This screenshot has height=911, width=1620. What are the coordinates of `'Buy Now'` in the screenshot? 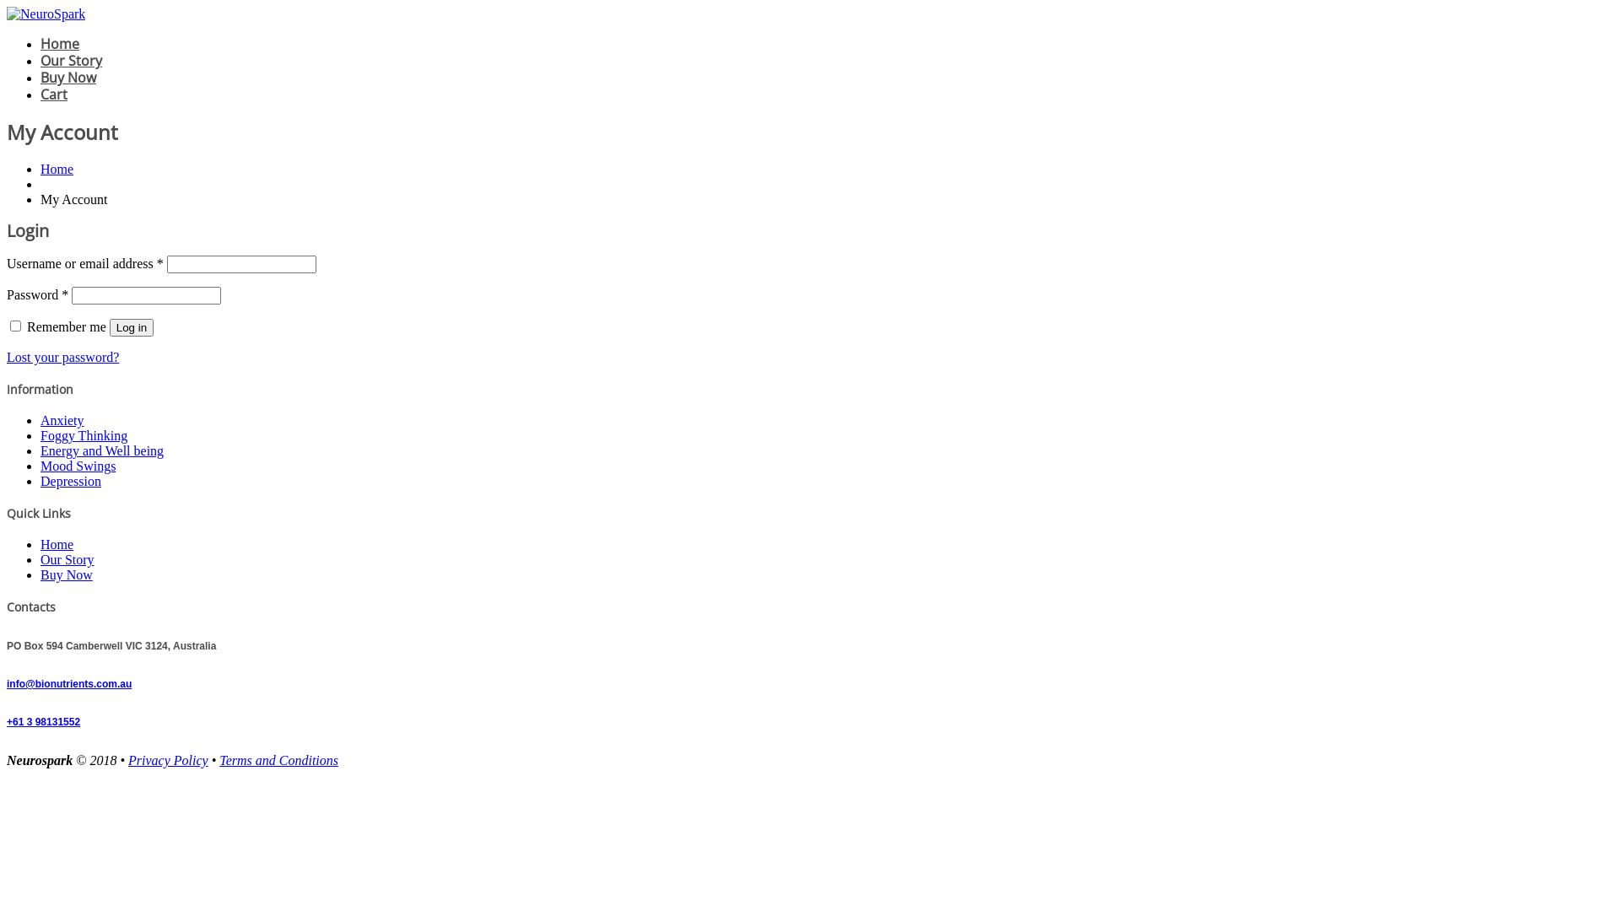 It's located at (66, 574).